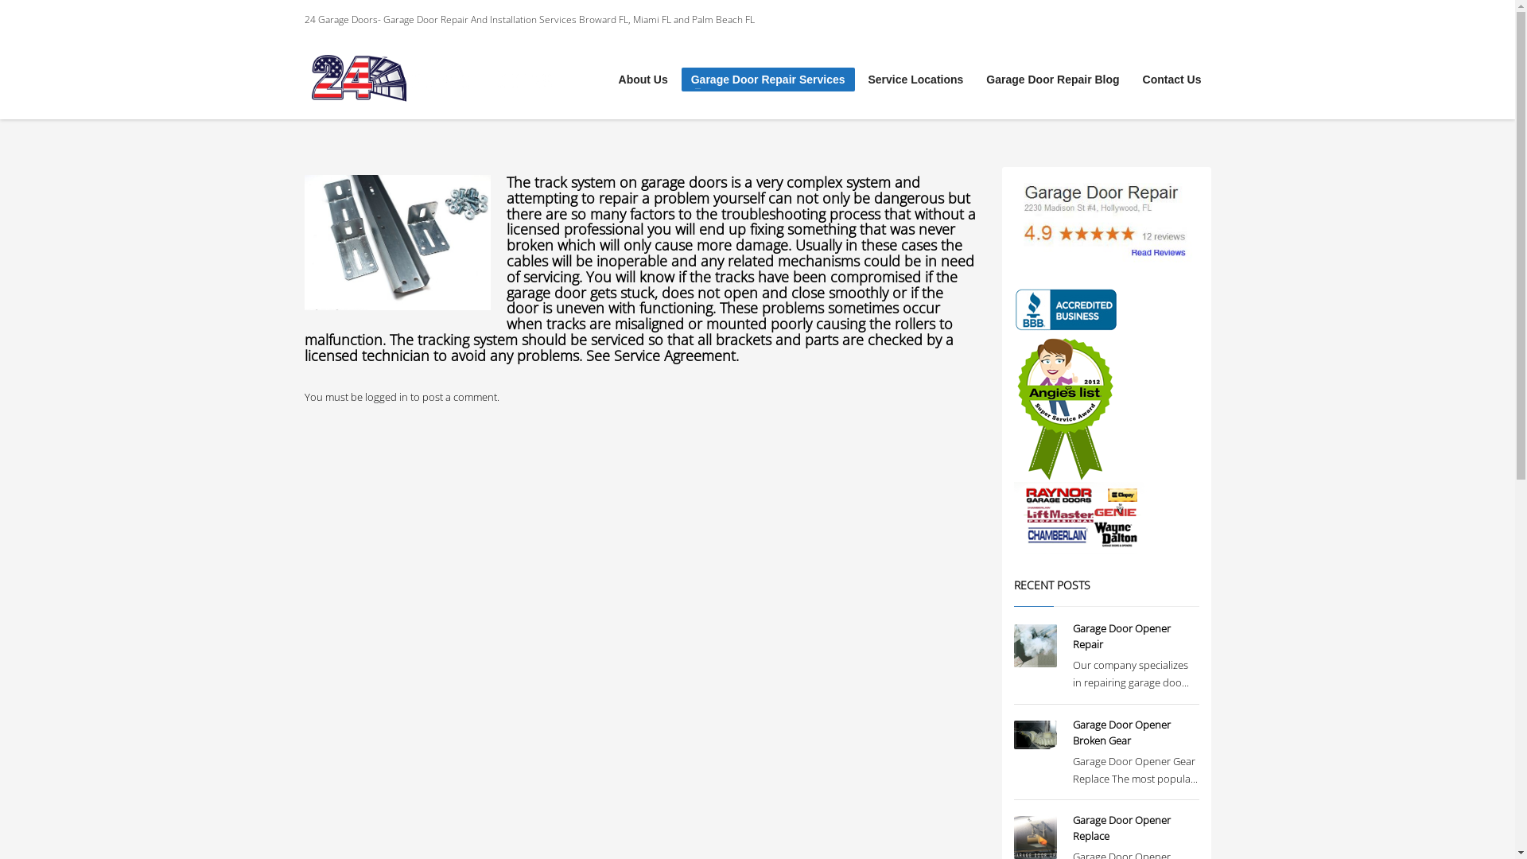 This screenshot has width=1527, height=859. What do you see at coordinates (916, 80) in the screenshot?
I see `'Service Locations'` at bounding box center [916, 80].